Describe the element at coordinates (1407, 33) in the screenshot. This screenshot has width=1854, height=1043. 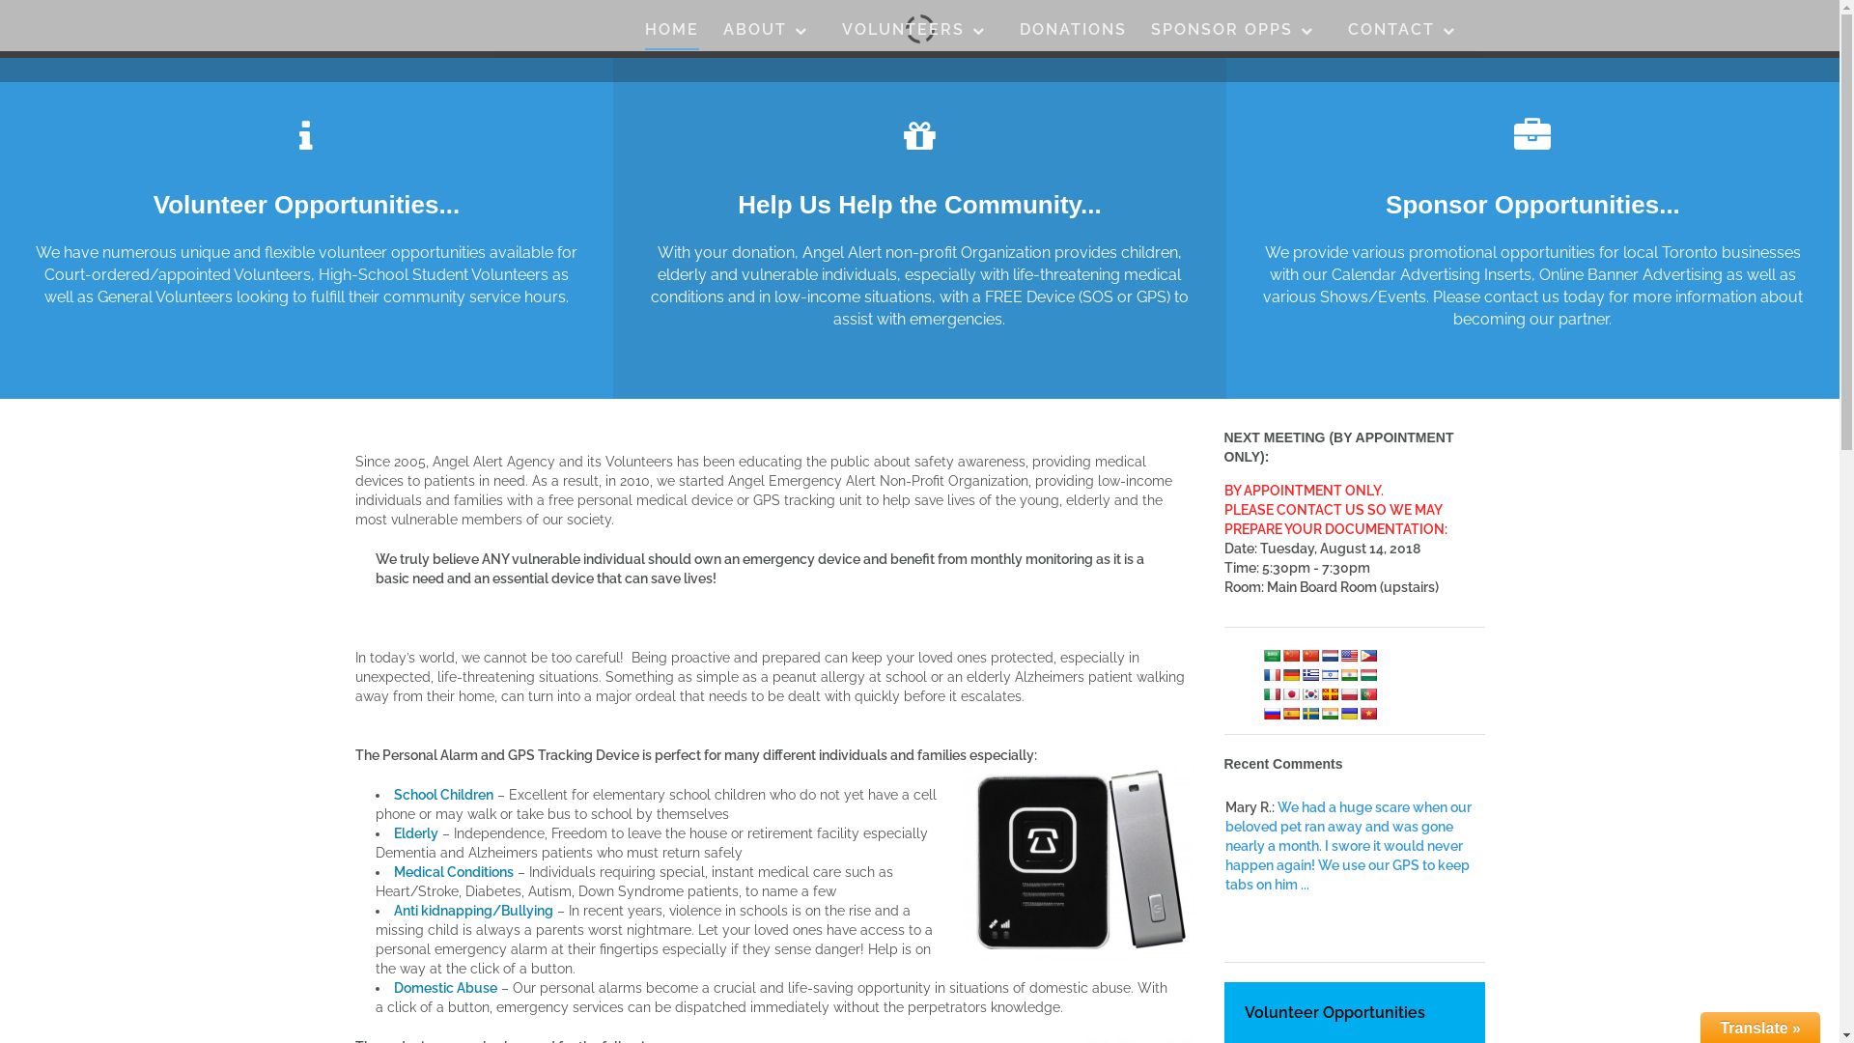
I see `'CONTACT'` at that location.